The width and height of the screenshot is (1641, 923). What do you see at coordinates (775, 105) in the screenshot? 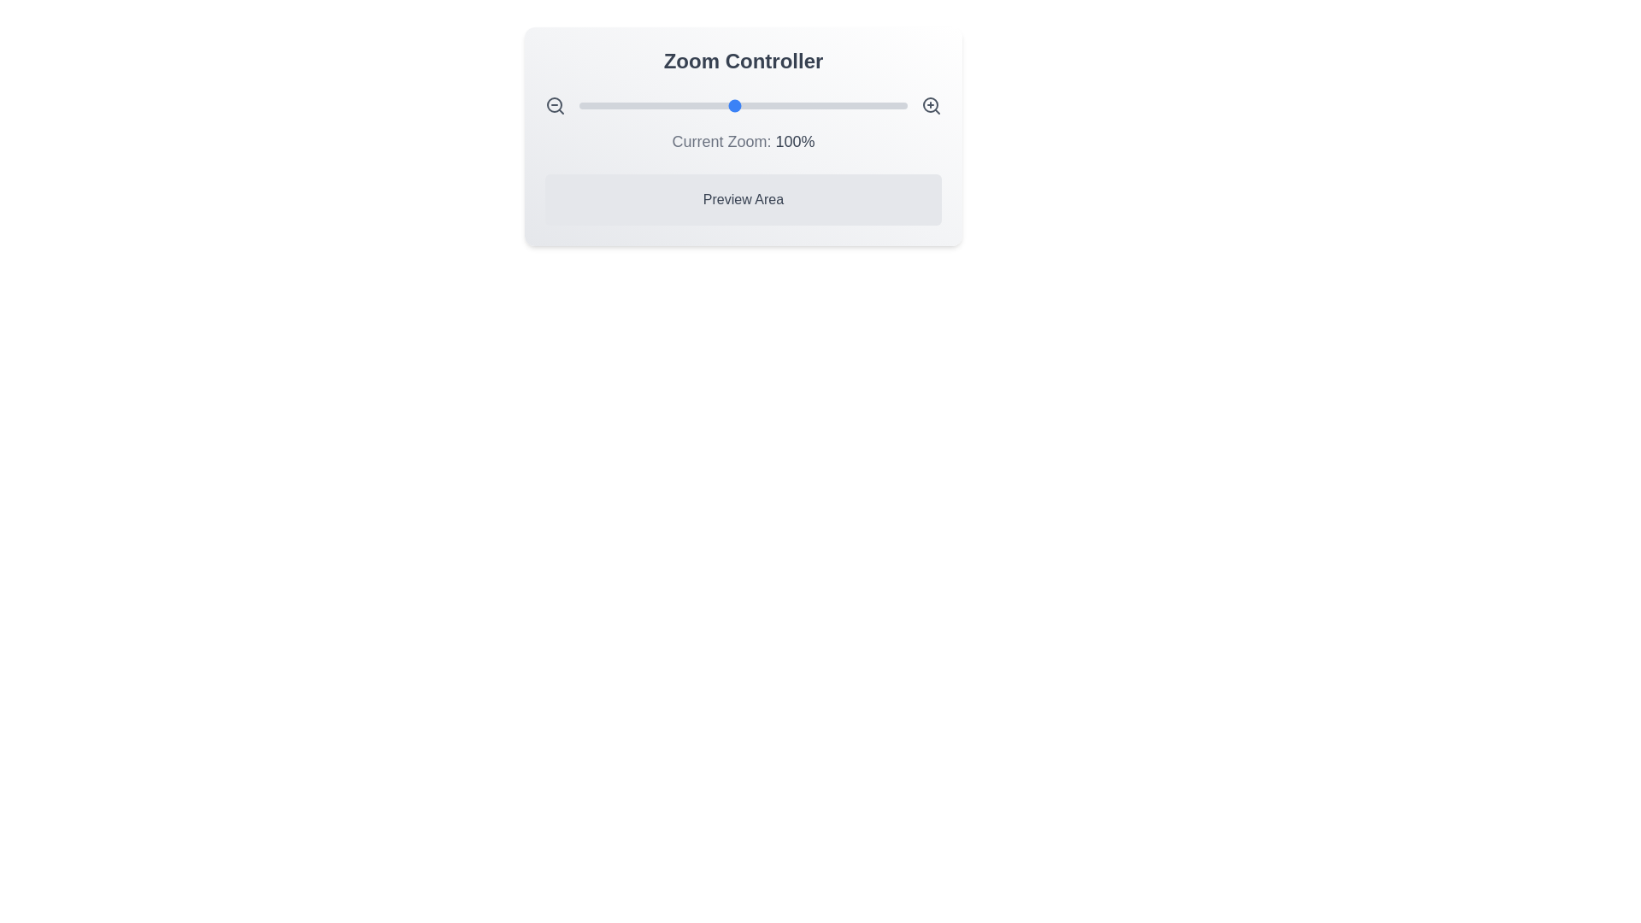
I see `the zoom level to 124% using the slider` at bounding box center [775, 105].